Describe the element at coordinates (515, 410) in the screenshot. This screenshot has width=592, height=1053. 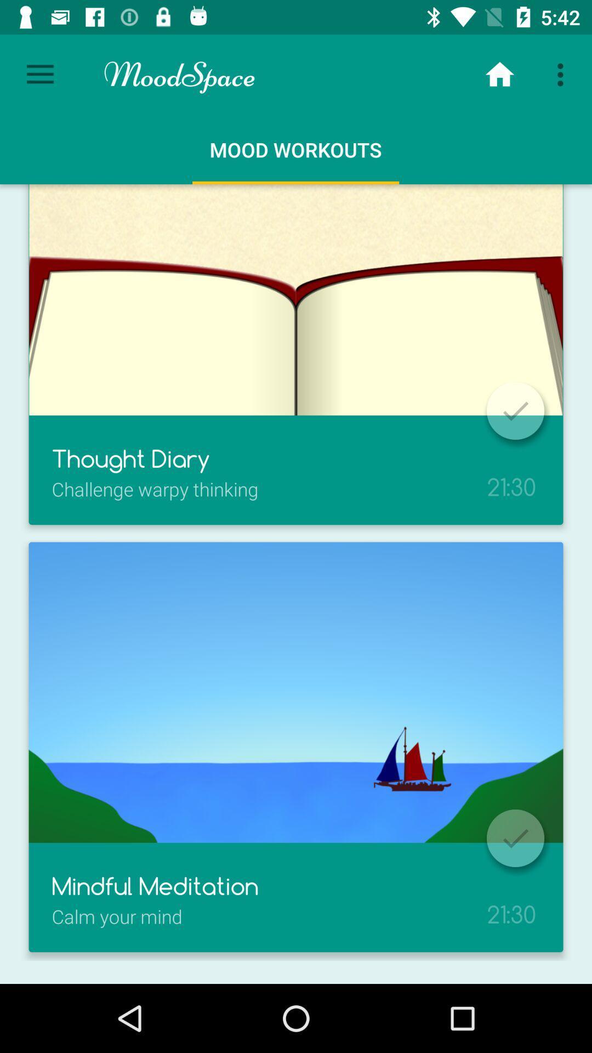
I see `mark as done` at that location.